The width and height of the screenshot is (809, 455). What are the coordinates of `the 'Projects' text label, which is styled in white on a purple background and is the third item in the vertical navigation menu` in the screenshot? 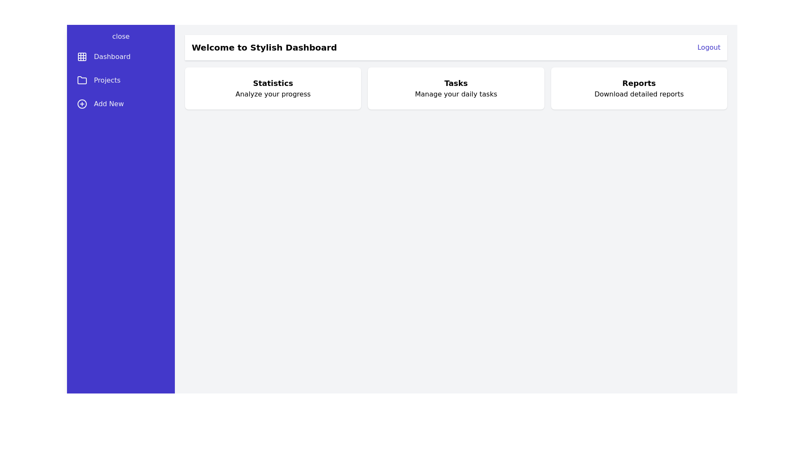 It's located at (107, 80).